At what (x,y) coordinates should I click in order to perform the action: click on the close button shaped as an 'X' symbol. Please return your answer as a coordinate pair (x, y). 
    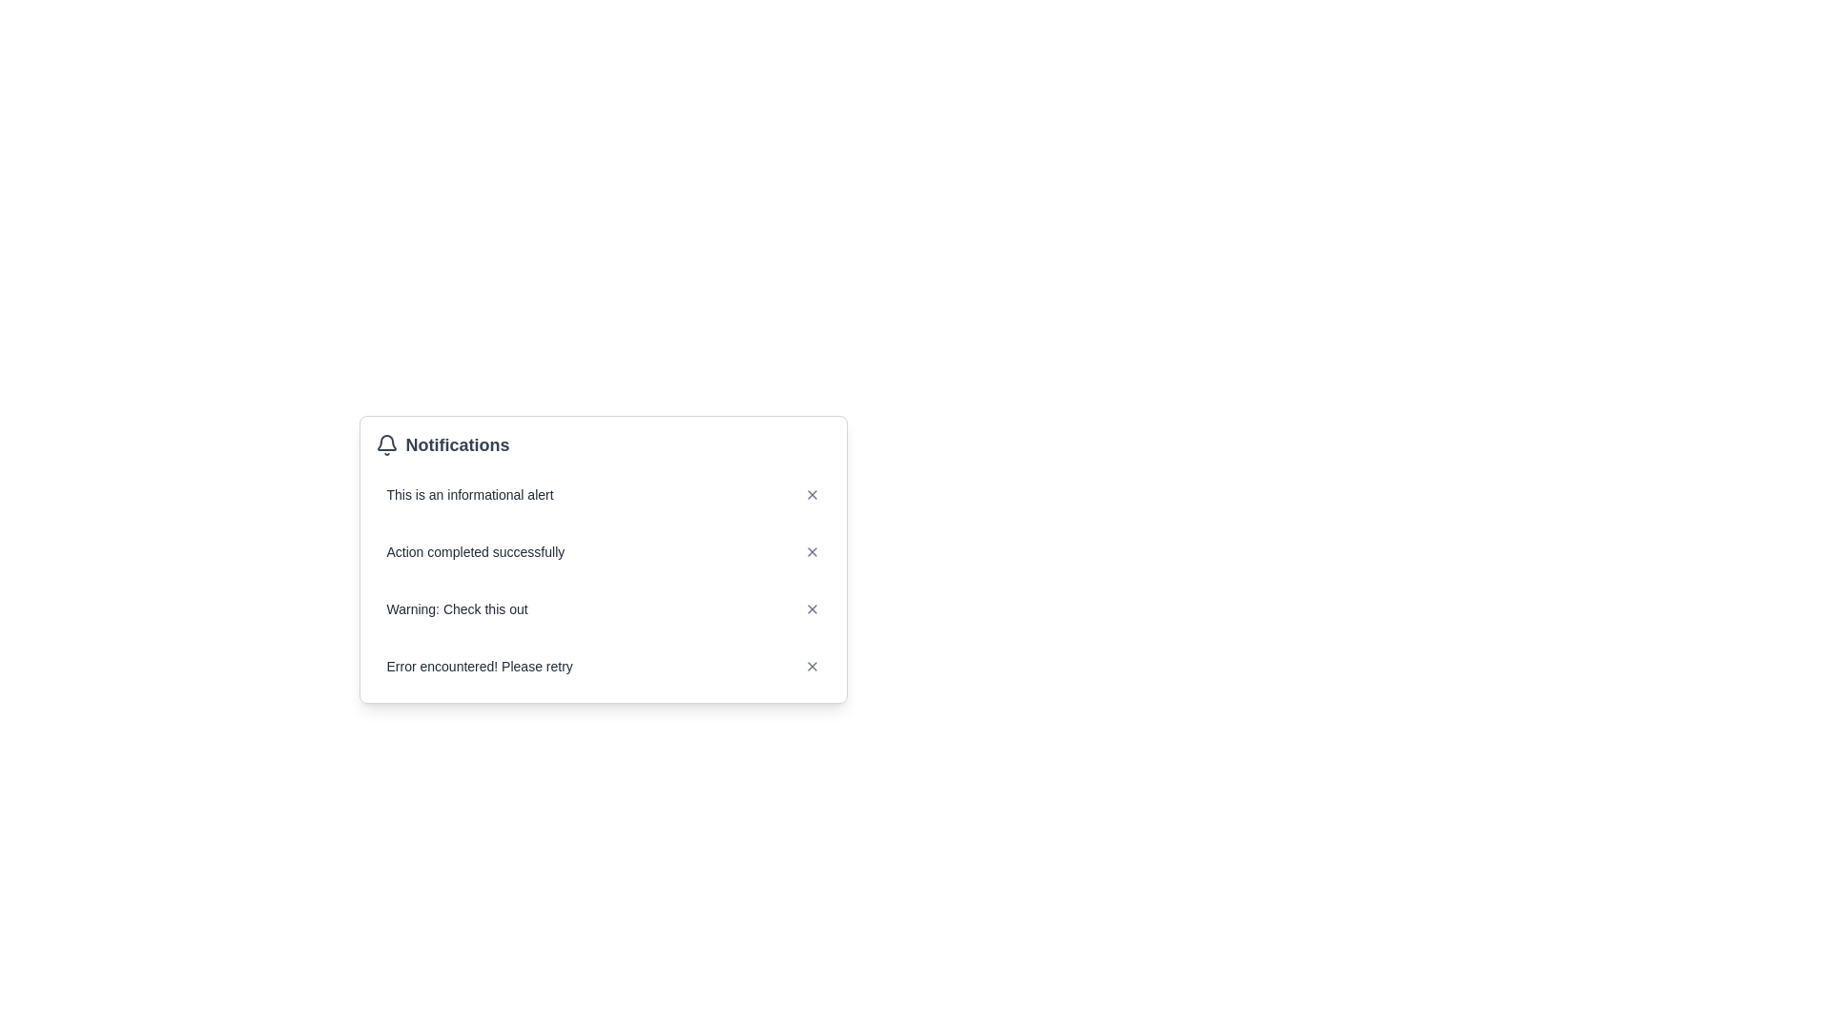
    Looking at the image, I should click on (812, 665).